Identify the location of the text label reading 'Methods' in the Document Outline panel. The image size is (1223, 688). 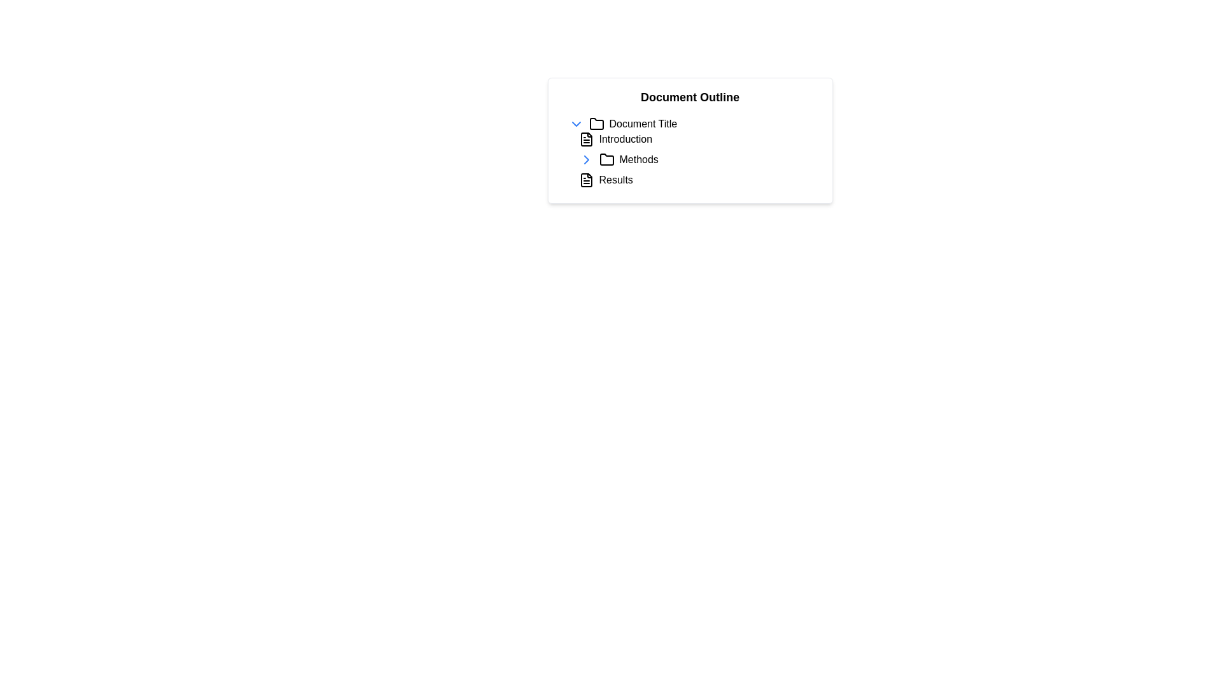
(639, 159).